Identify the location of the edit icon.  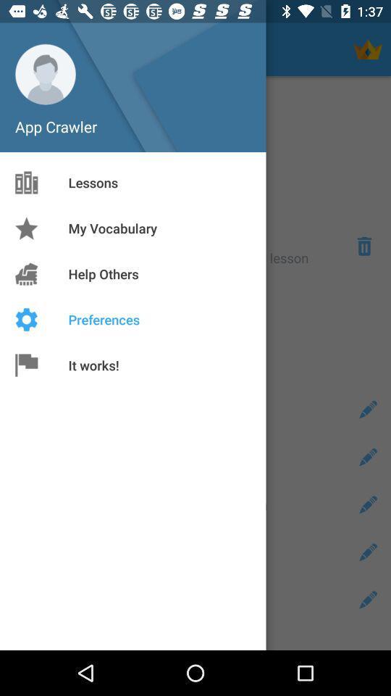
(368, 410).